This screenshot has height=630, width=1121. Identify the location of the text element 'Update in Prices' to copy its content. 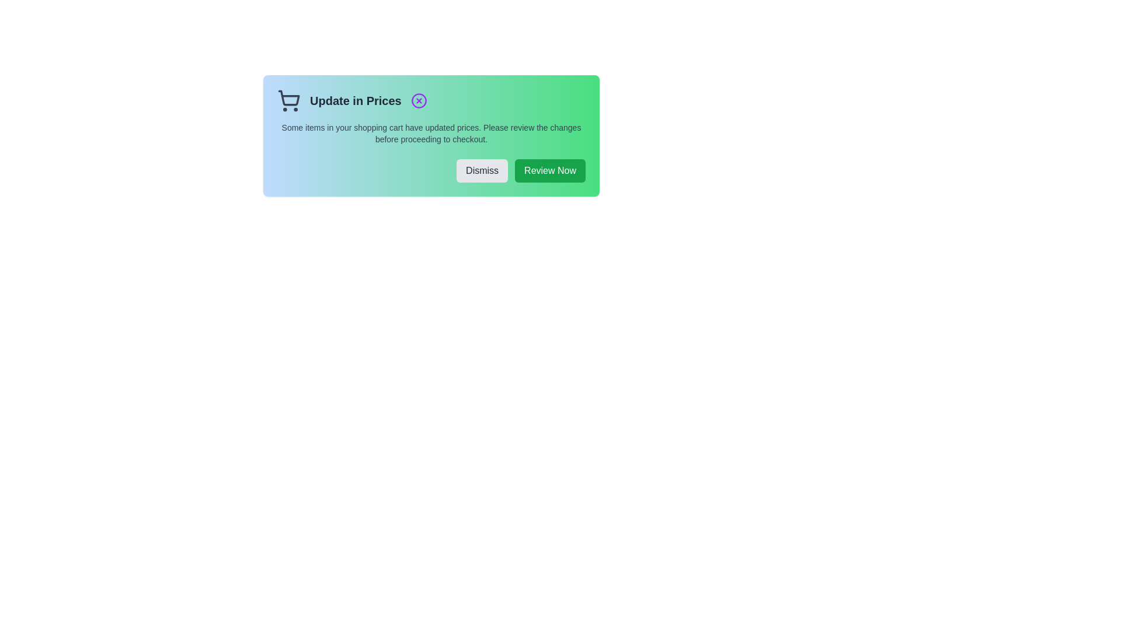
(431, 100).